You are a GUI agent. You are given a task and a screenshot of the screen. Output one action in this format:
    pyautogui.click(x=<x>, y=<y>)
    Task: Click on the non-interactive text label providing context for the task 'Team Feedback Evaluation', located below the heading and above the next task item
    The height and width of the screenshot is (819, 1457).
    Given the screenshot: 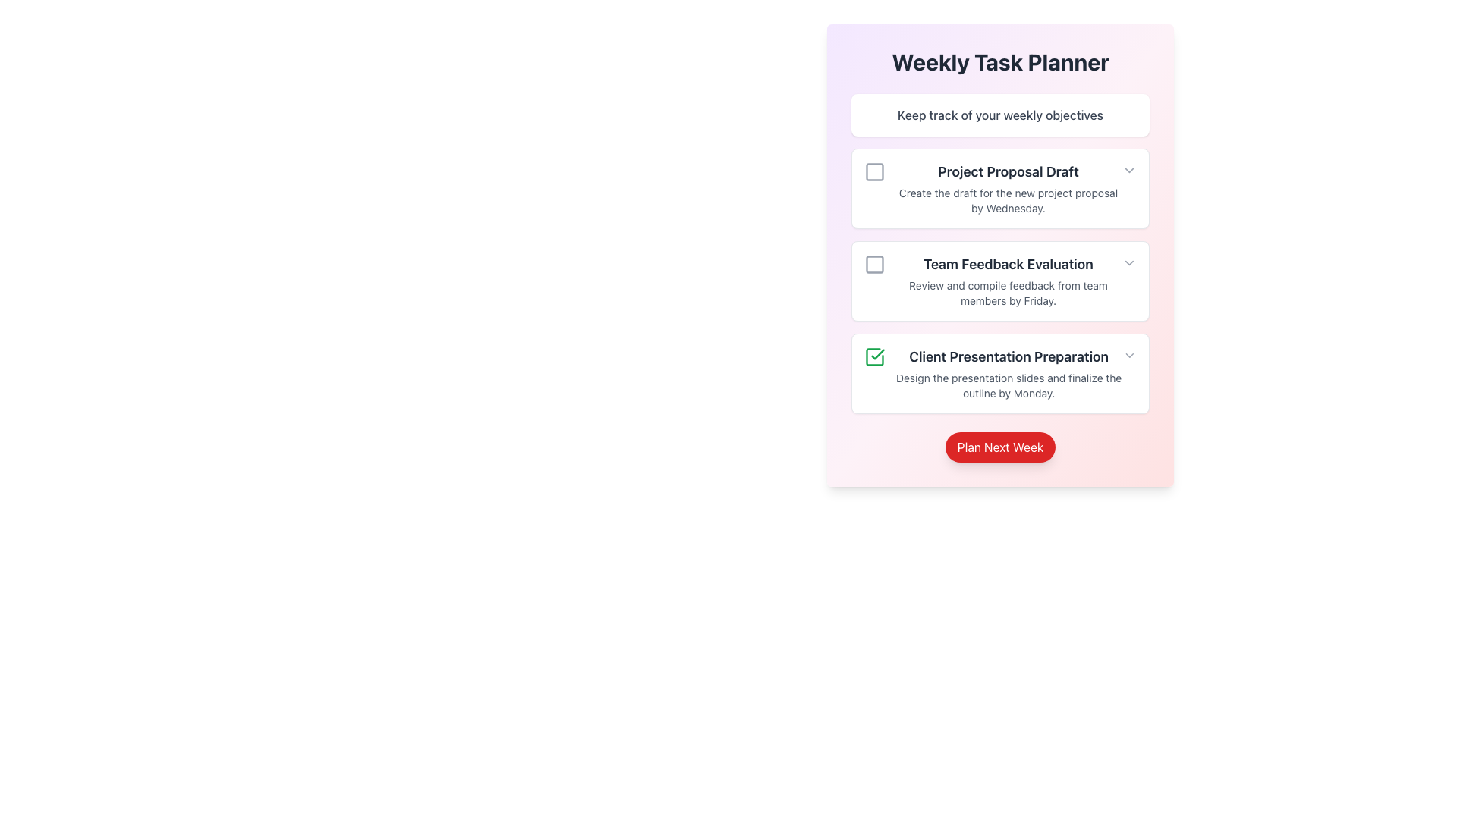 What is the action you would take?
    pyautogui.click(x=1009, y=293)
    